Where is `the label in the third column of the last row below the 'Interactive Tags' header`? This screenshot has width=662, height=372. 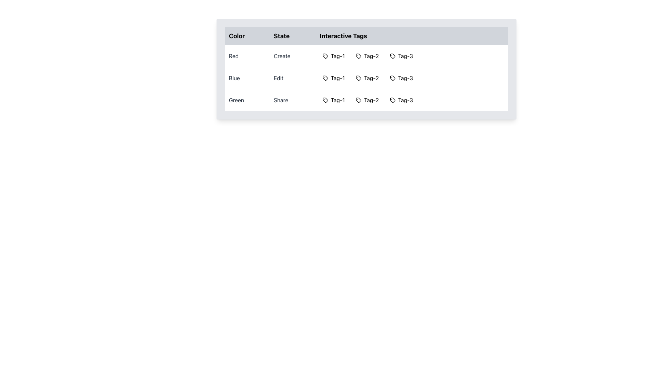 the label in the third column of the last row below the 'Interactive Tags' header is located at coordinates (412, 100).